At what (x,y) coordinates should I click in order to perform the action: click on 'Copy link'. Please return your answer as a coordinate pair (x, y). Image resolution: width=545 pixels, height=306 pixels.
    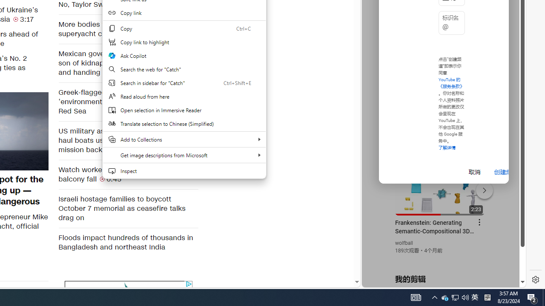
    Looking at the image, I should click on (184, 12).